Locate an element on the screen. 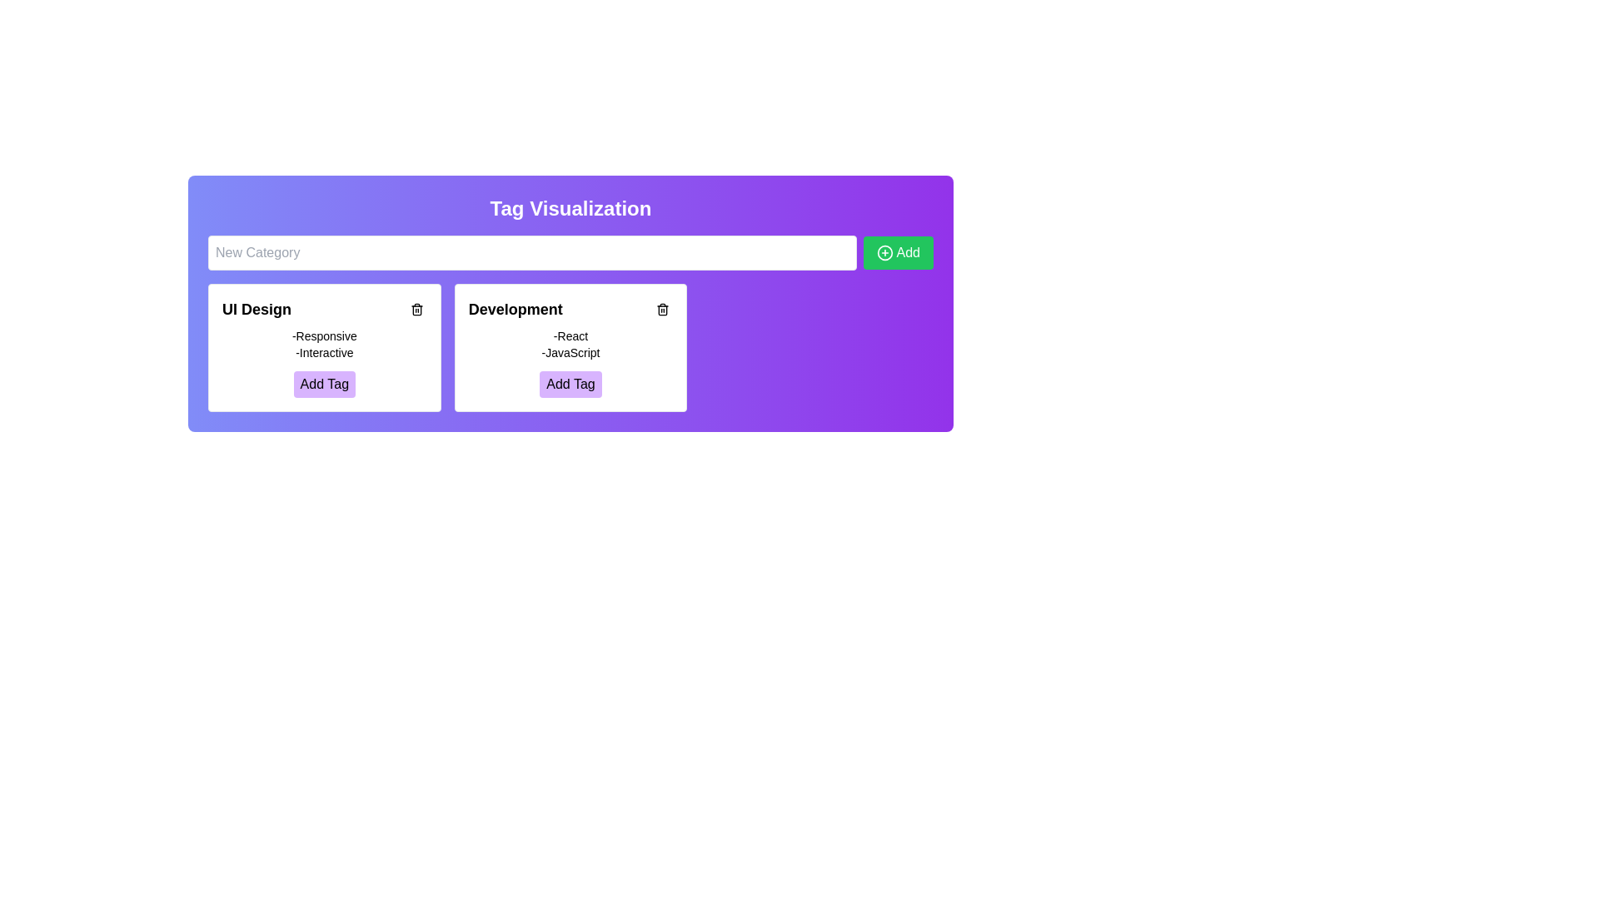 This screenshot has width=1599, height=899. the delete button located in the top-right corner of the 'Development' section card is located at coordinates (662, 309).